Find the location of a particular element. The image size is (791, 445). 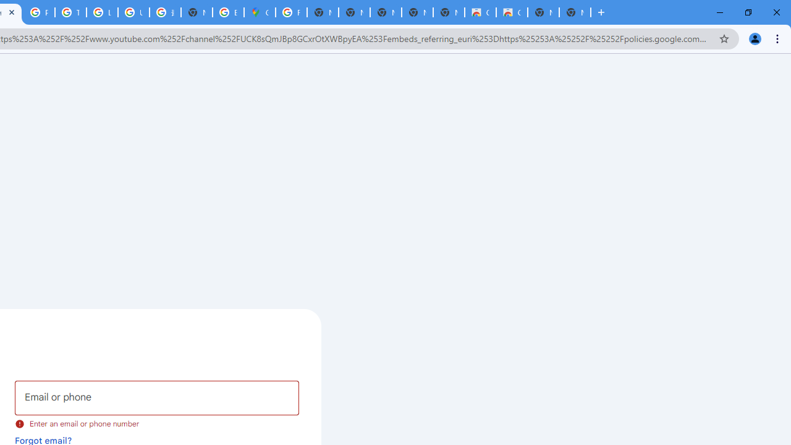

'Google Maps' is located at coordinates (259, 12).